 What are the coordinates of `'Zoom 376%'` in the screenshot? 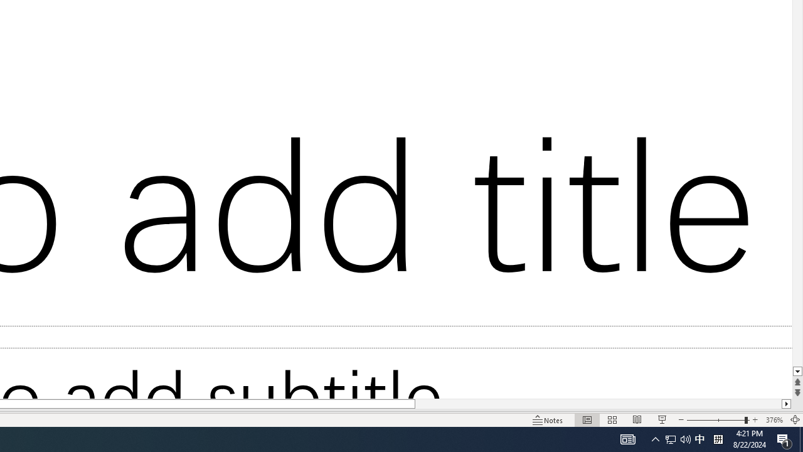 It's located at (774, 420).